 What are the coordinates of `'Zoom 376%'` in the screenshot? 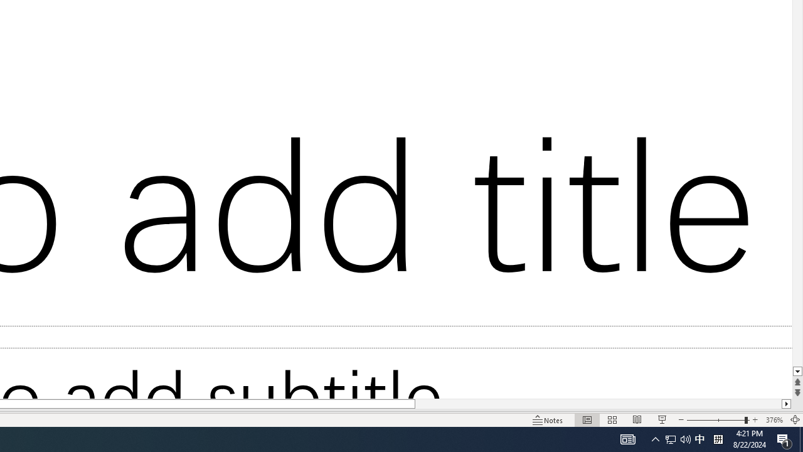 It's located at (774, 420).